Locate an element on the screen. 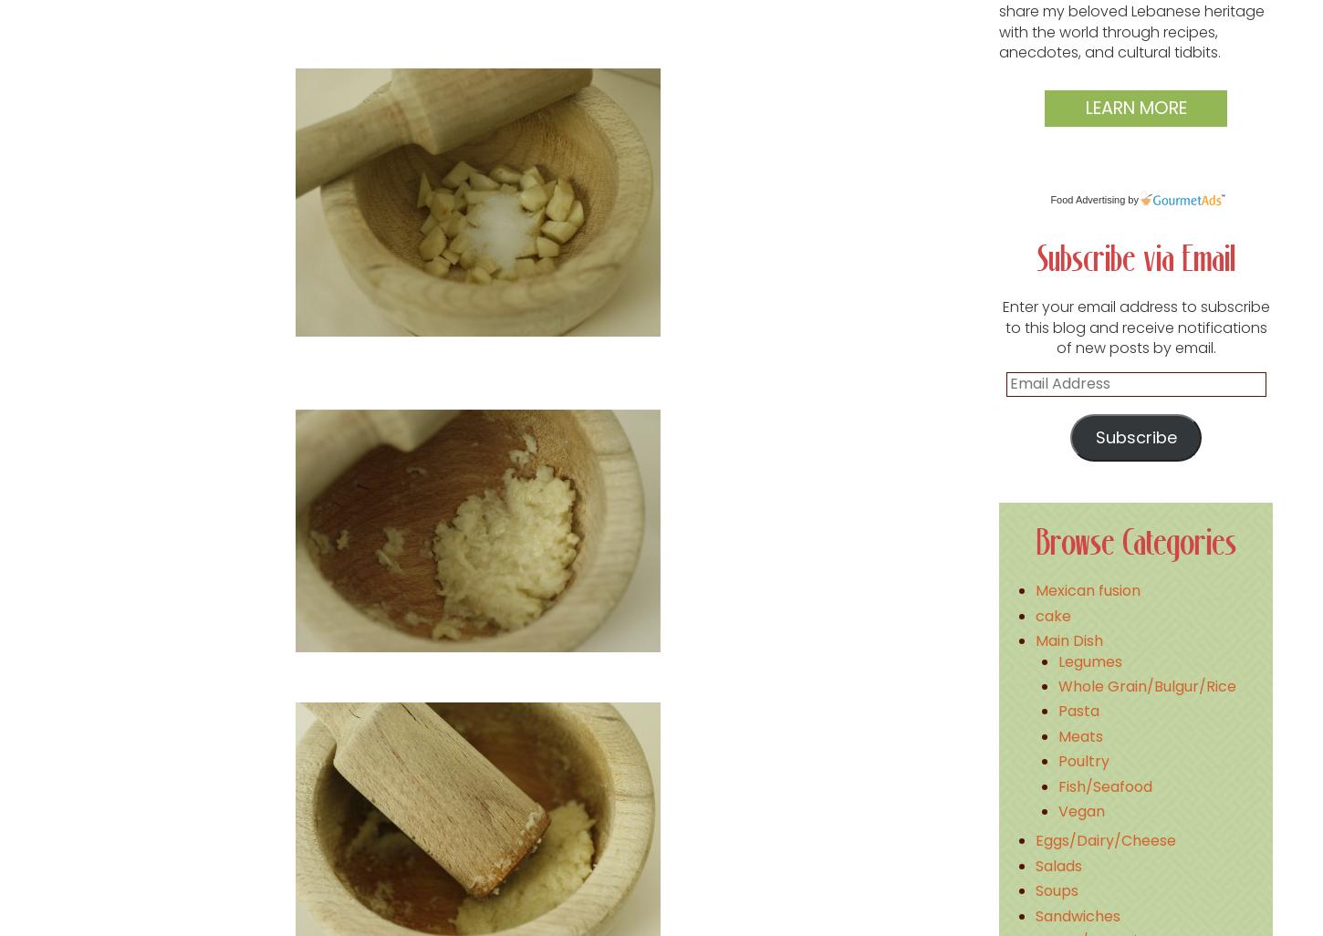  'Legumes' is located at coordinates (1089, 660).